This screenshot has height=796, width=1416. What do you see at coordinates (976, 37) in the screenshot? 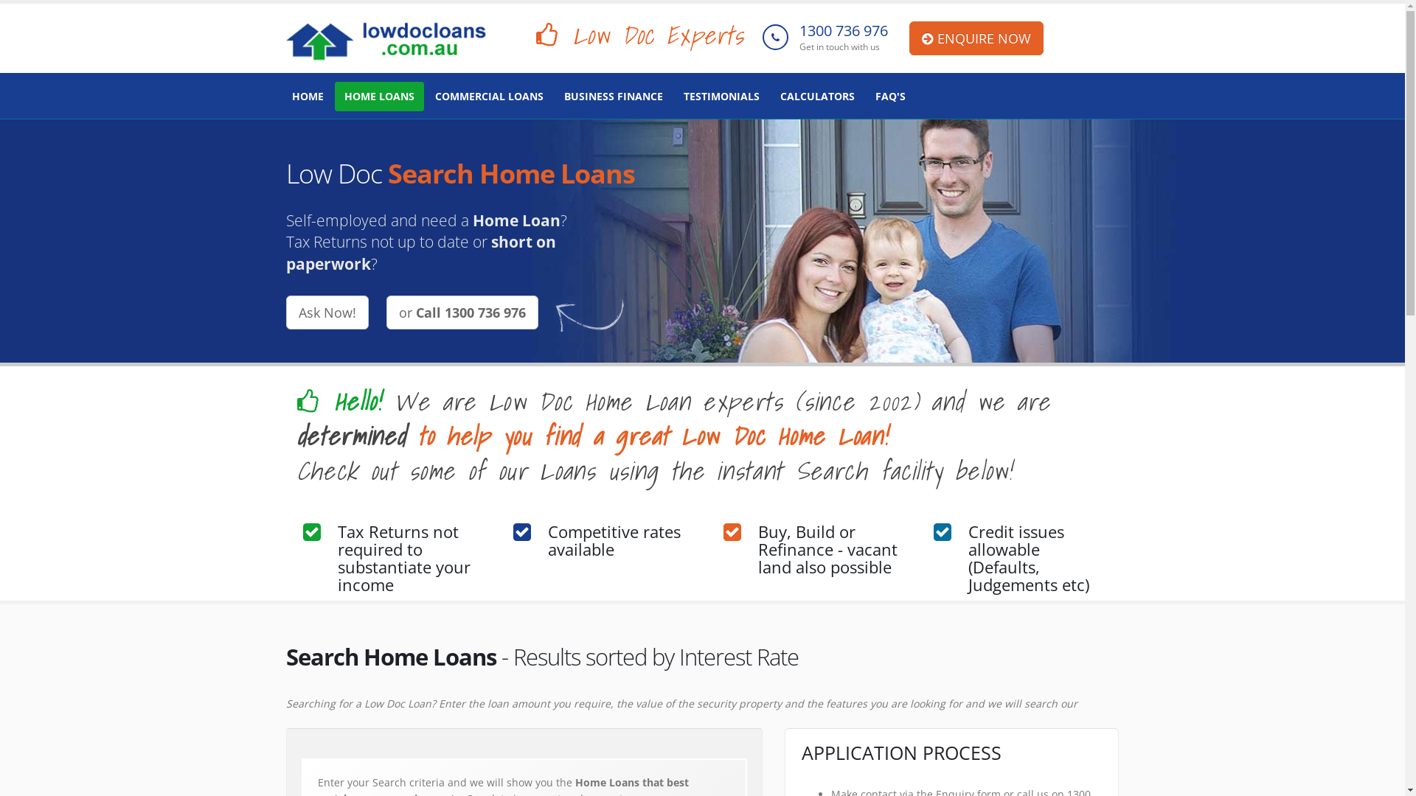
I see `'ENQUIRE NOW'` at bounding box center [976, 37].